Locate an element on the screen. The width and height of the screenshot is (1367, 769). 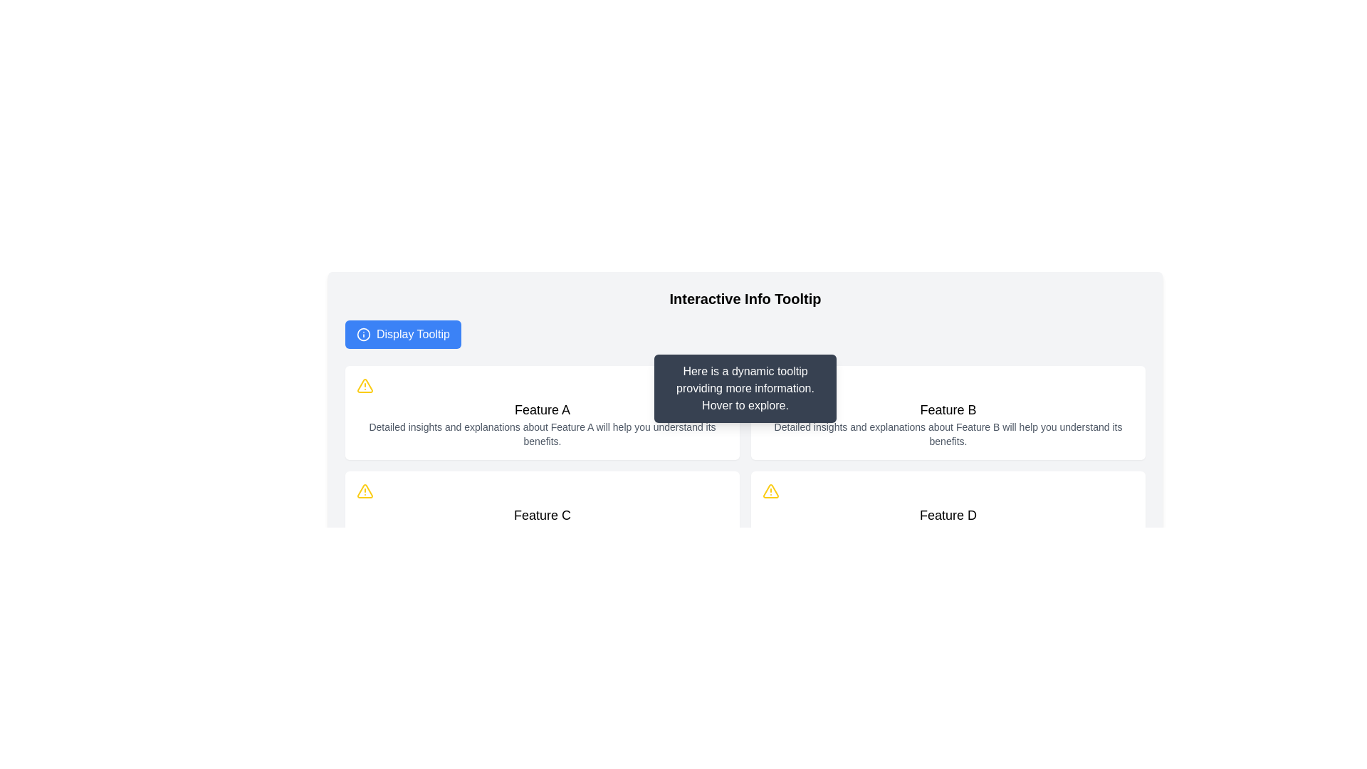
the circular SVG graphical component that serves as an informational icon, located near the 'Display Tooltip' button is located at coordinates (363, 335).